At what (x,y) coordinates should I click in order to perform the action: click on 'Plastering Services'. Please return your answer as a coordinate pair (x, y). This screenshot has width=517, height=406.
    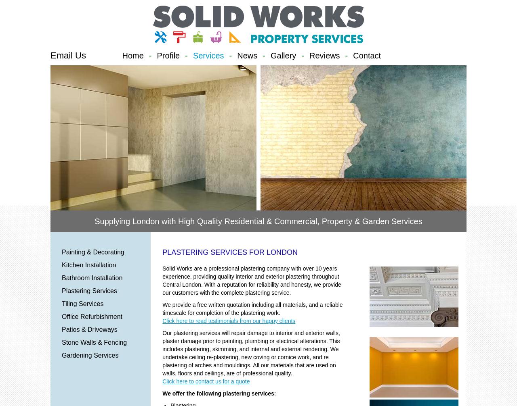
    Looking at the image, I should click on (89, 290).